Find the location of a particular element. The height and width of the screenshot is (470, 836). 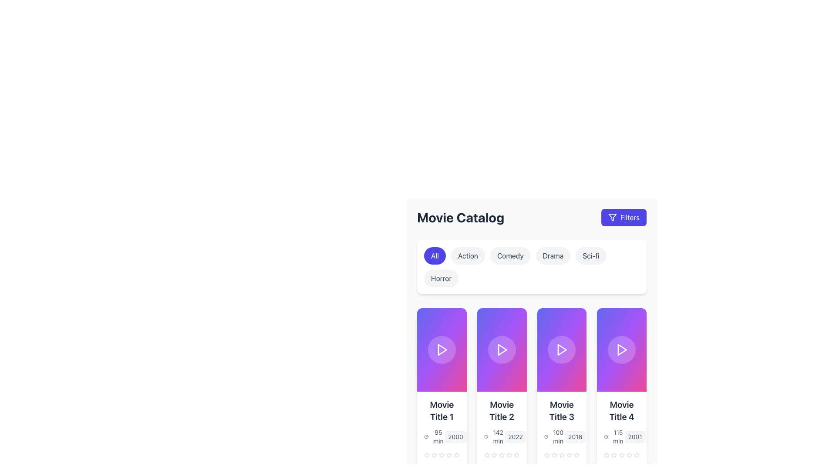

the 'Sci-fi' filter button, which is the fifth button in the genre group located beneath the 'Movie Catalog' heading is located at coordinates (591, 255).